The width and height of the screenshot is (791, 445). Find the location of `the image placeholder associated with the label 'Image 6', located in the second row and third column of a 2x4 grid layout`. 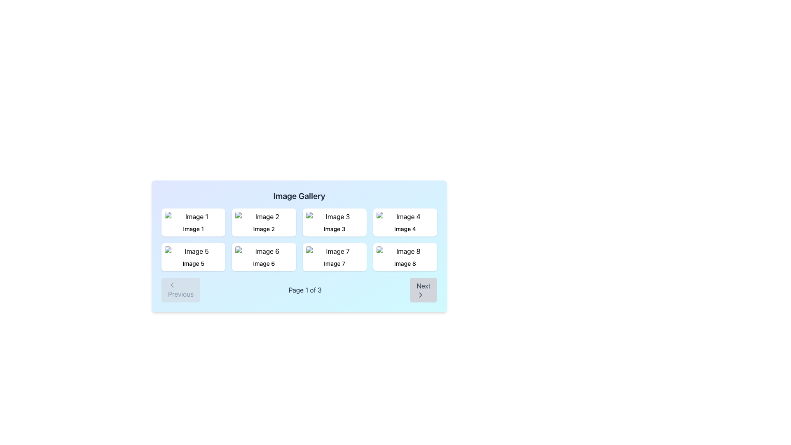

the image placeholder associated with the label 'Image 6', located in the second row and third column of a 2x4 grid layout is located at coordinates (264, 251).